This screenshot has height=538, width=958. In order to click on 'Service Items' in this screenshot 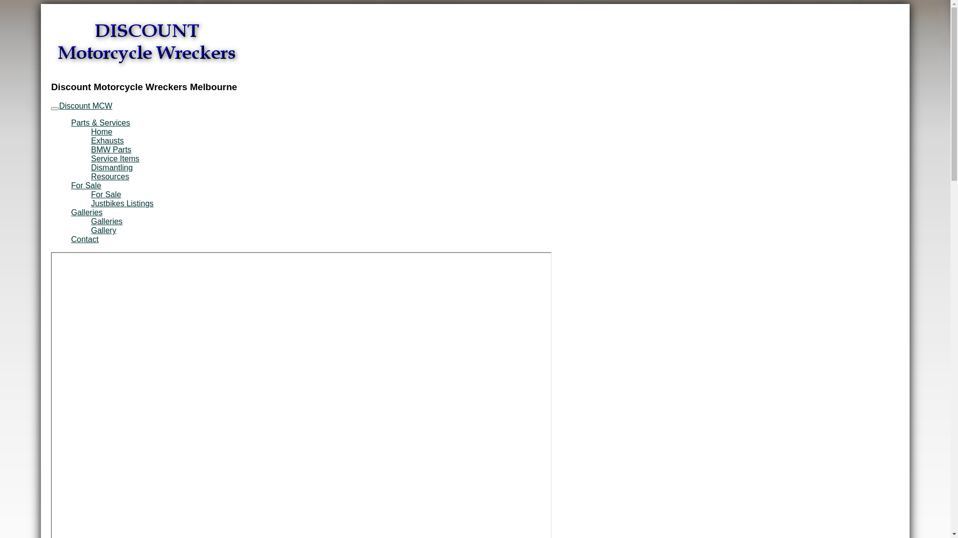, I will do `click(91, 158)`.